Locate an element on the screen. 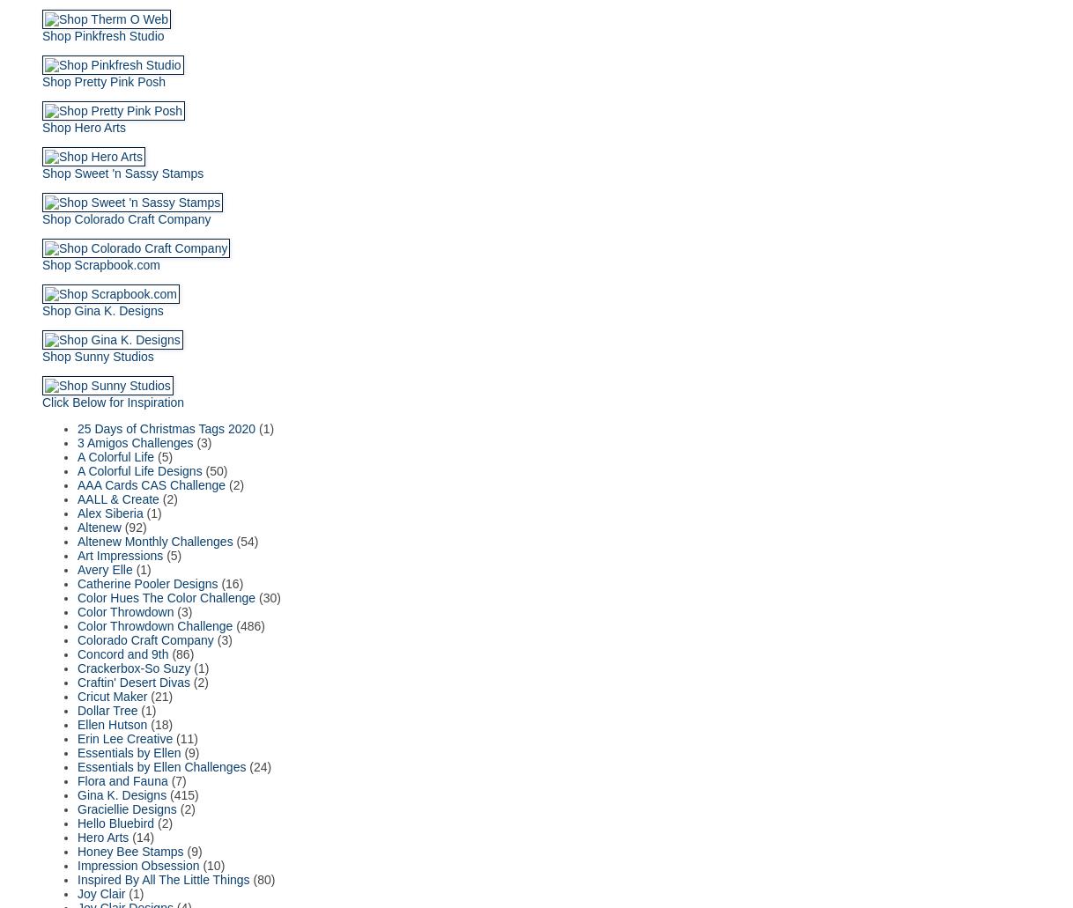 Image resolution: width=1073 pixels, height=908 pixels. 'Shop Scrapbook.com' is located at coordinates (100, 264).